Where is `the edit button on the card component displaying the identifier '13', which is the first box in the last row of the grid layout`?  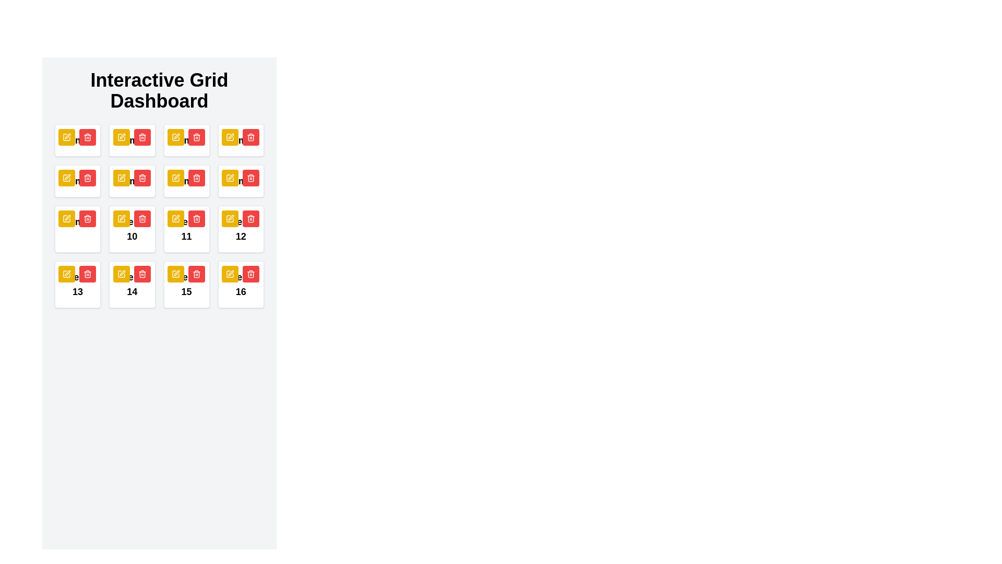
the edit button on the card component displaying the identifier '13', which is the first box in the last row of the grid layout is located at coordinates (77, 284).